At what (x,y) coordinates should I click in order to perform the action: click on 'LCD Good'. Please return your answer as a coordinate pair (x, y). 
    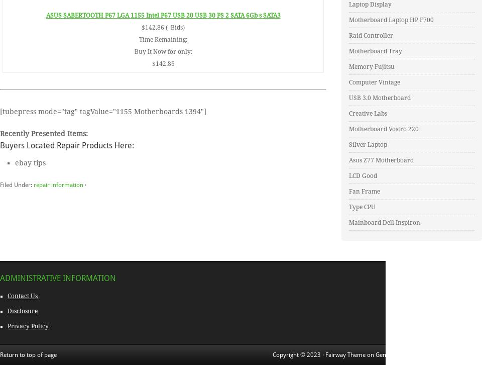
    Looking at the image, I should click on (362, 175).